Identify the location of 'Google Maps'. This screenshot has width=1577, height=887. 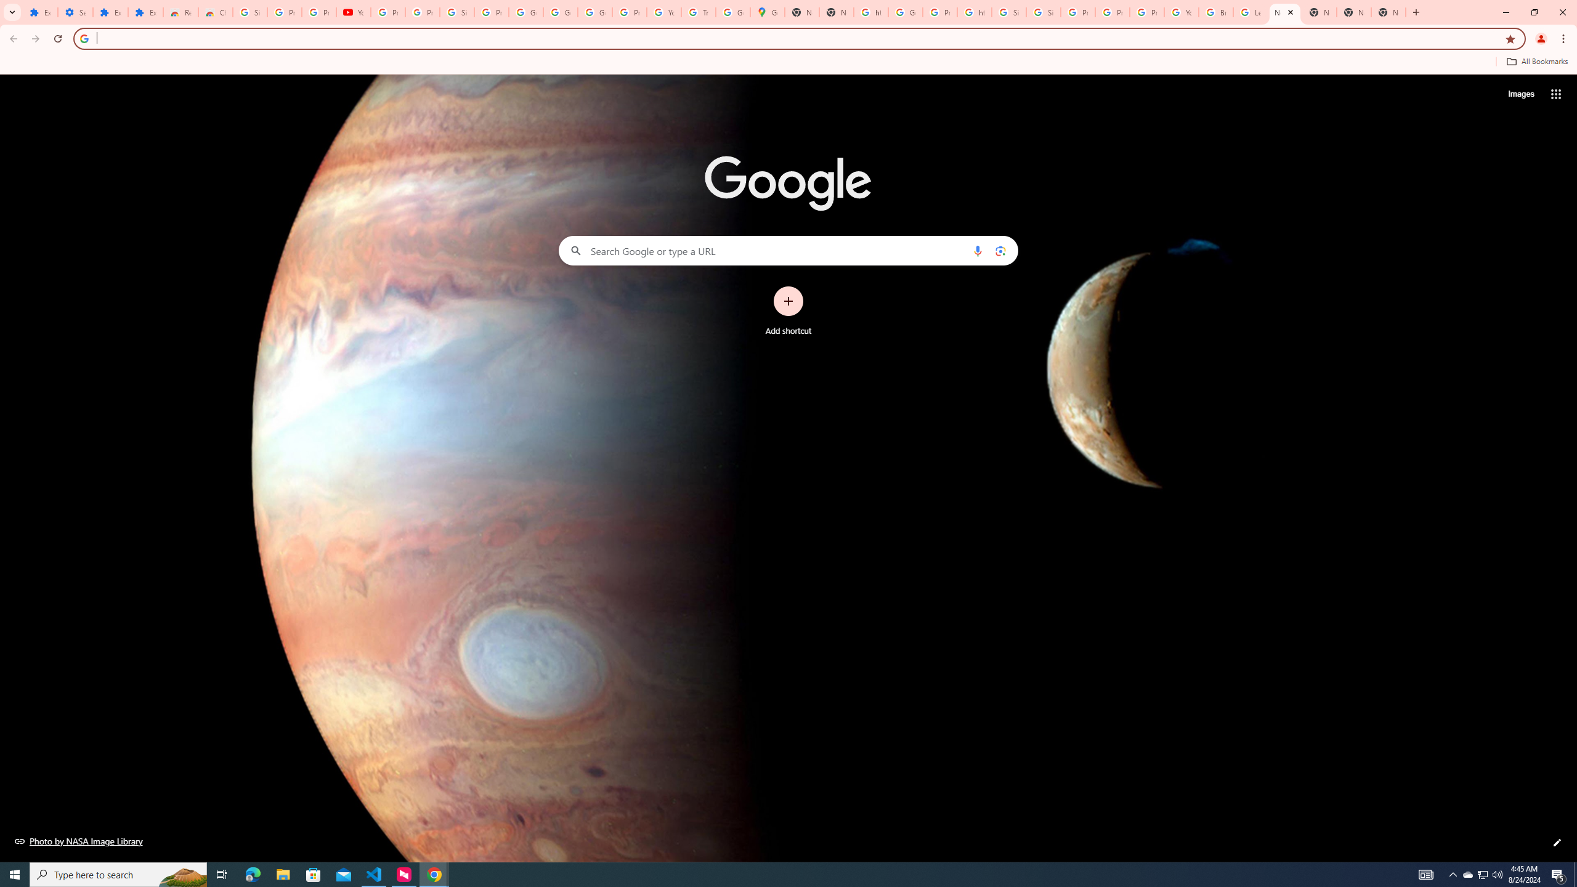
(766, 12).